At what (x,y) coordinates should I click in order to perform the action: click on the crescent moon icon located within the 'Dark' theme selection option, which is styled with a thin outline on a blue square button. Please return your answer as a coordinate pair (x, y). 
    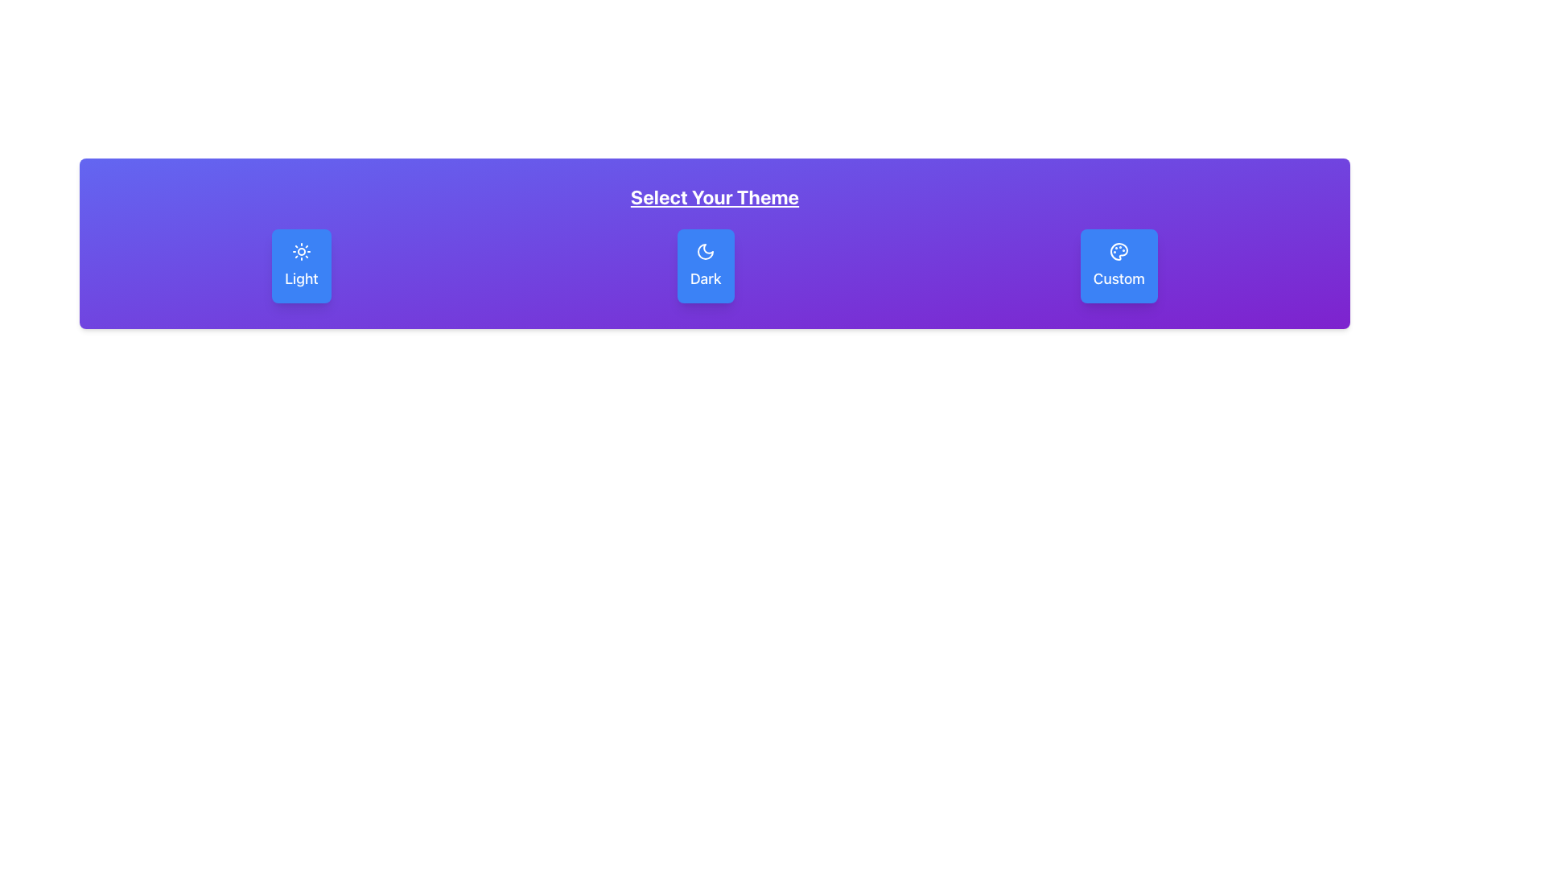
    Looking at the image, I should click on (706, 251).